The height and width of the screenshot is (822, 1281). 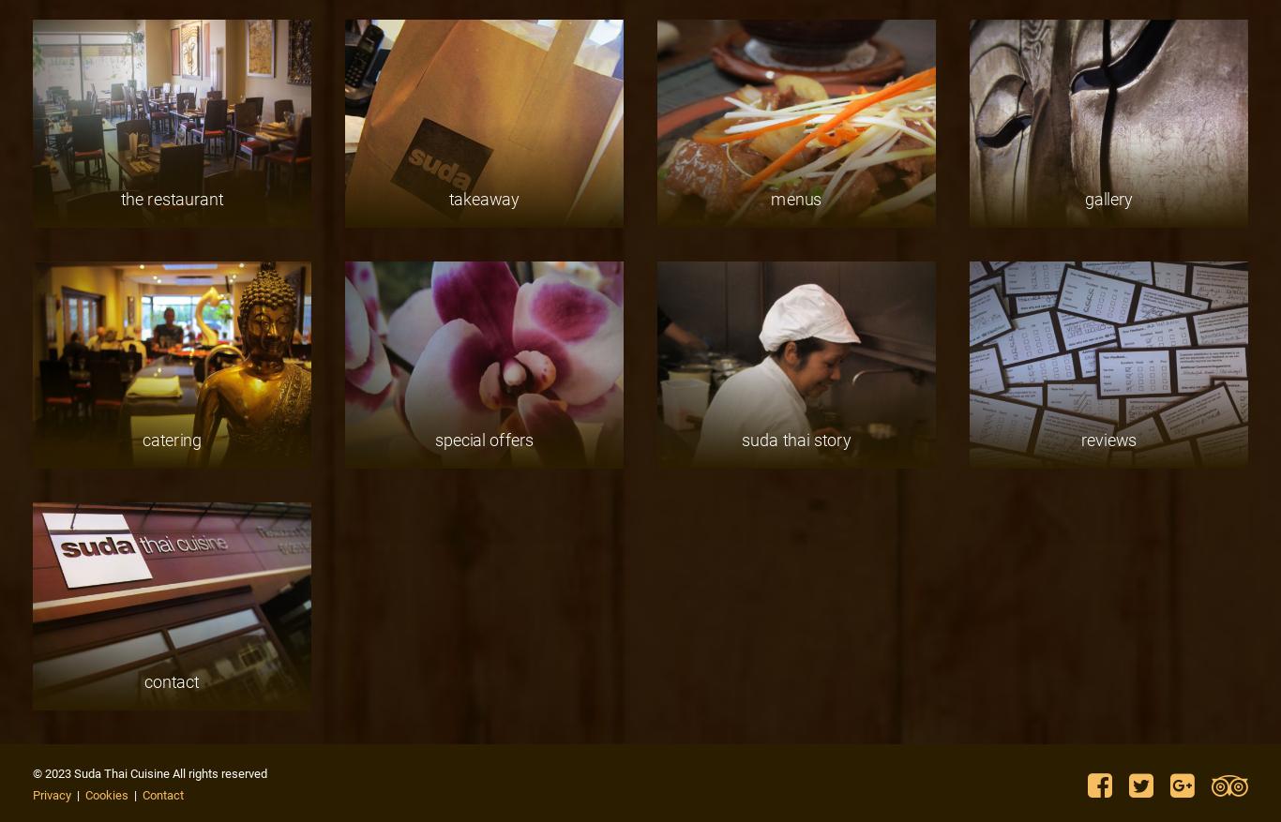 What do you see at coordinates (483, 197) in the screenshot?
I see `'takeaway'` at bounding box center [483, 197].